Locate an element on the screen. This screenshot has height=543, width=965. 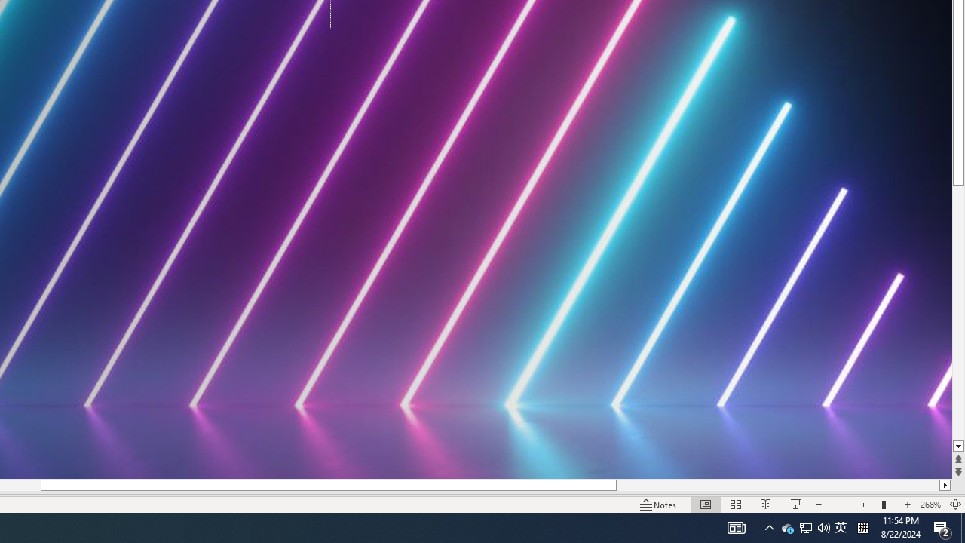
'Zoom 268%' is located at coordinates (930, 505).